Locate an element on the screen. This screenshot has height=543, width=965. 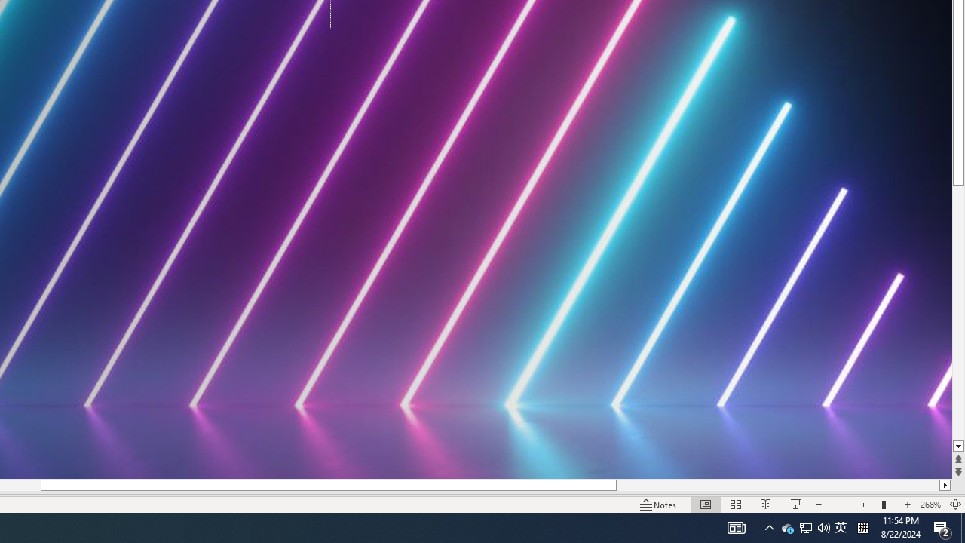
'Zoom 268%' is located at coordinates (930, 505).